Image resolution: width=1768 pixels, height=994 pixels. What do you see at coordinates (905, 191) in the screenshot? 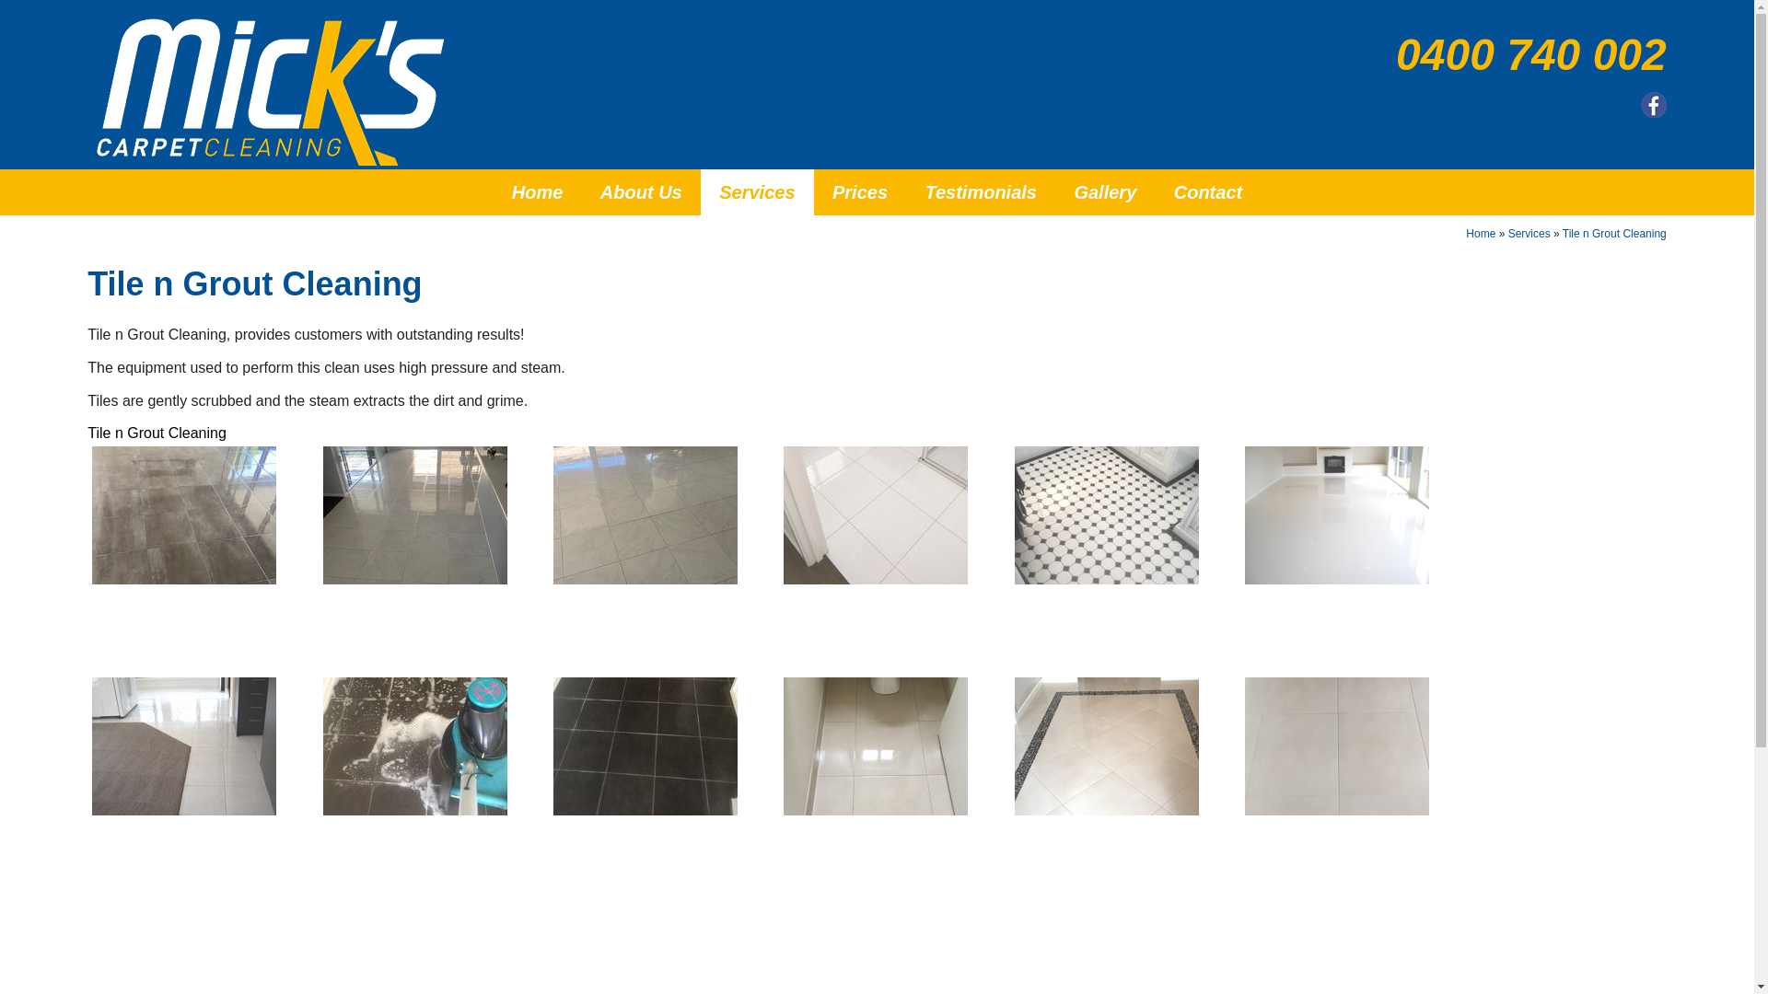
I see `'Testimonials'` at bounding box center [905, 191].